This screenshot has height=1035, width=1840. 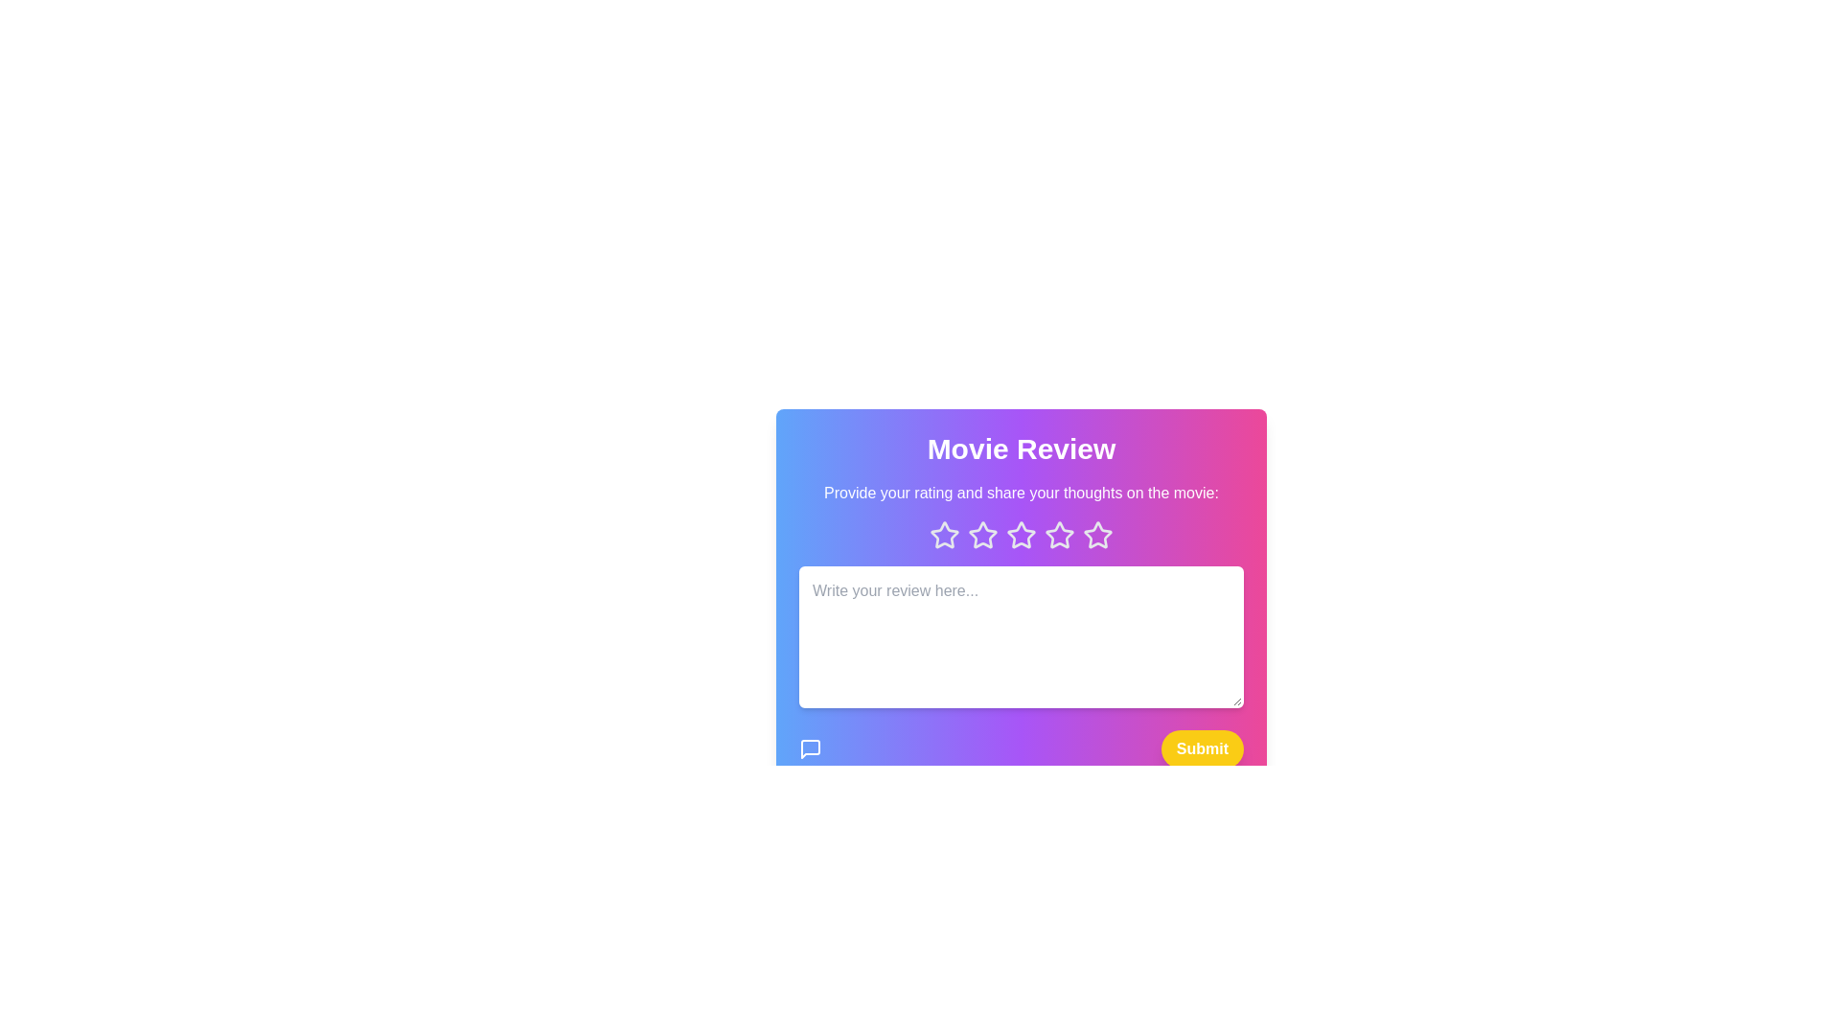 I want to click on the star icon corresponding to 5 to preview the rating, so click(x=1098, y=536).